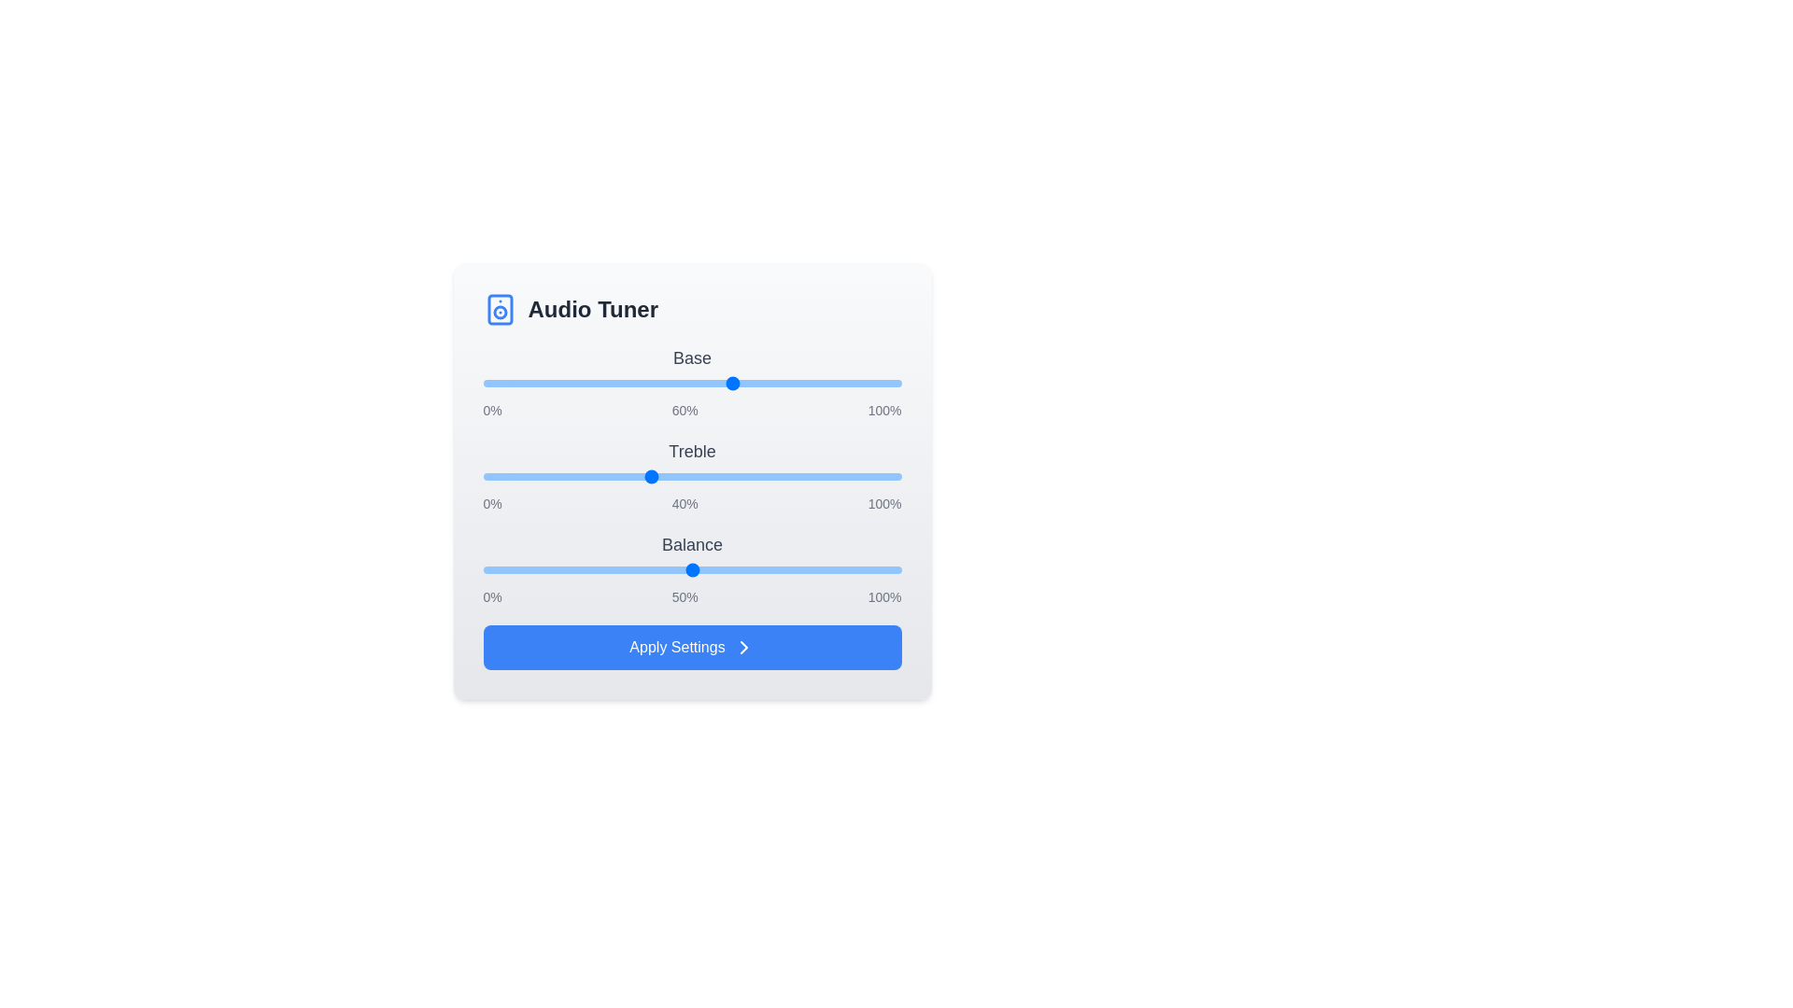 Image resolution: width=1793 pixels, height=1008 pixels. Describe the element at coordinates (500, 308) in the screenshot. I see `the speaker icon to explore additional features` at that location.